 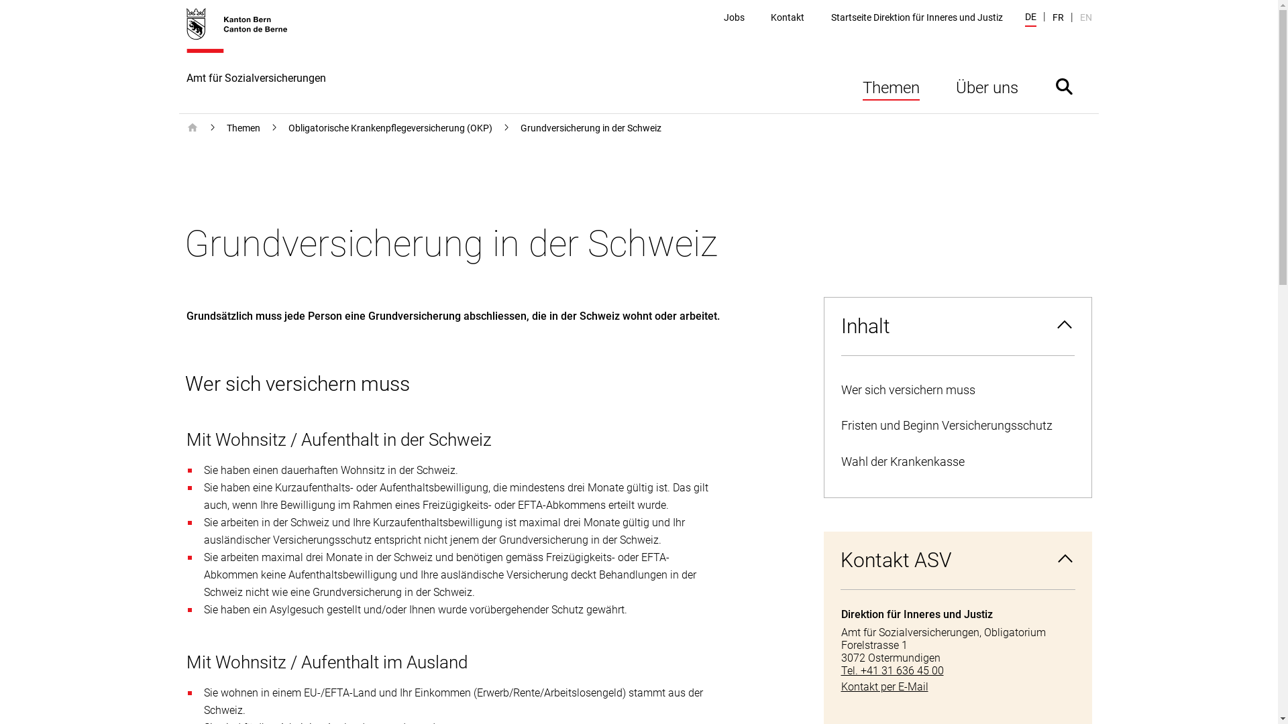 What do you see at coordinates (957, 670) in the screenshot?
I see `'Tel. +41 31 636 45 00'` at bounding box center [957, 670].